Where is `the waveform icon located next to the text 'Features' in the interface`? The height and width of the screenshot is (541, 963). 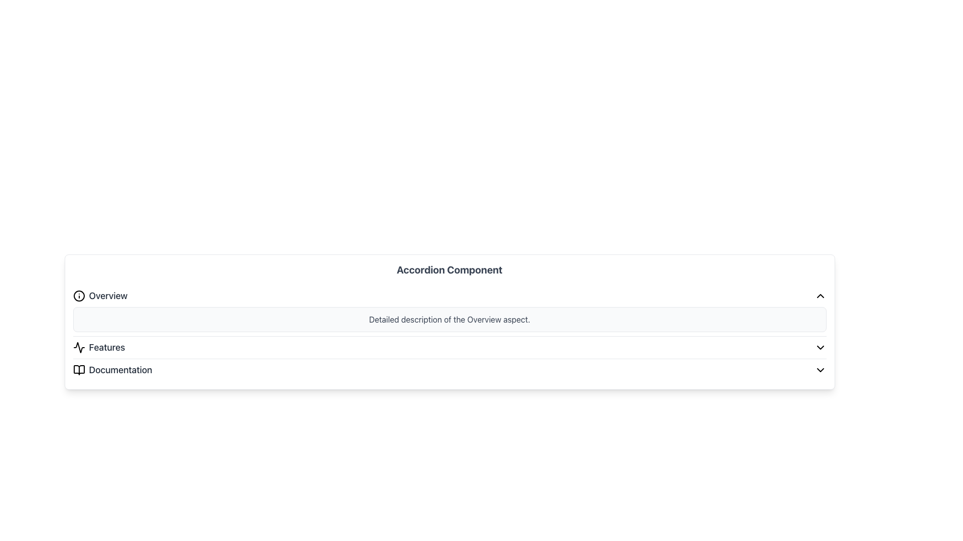 the waveform icon located next to the text 'Features' in the interface is located at coordinates (78, 347).